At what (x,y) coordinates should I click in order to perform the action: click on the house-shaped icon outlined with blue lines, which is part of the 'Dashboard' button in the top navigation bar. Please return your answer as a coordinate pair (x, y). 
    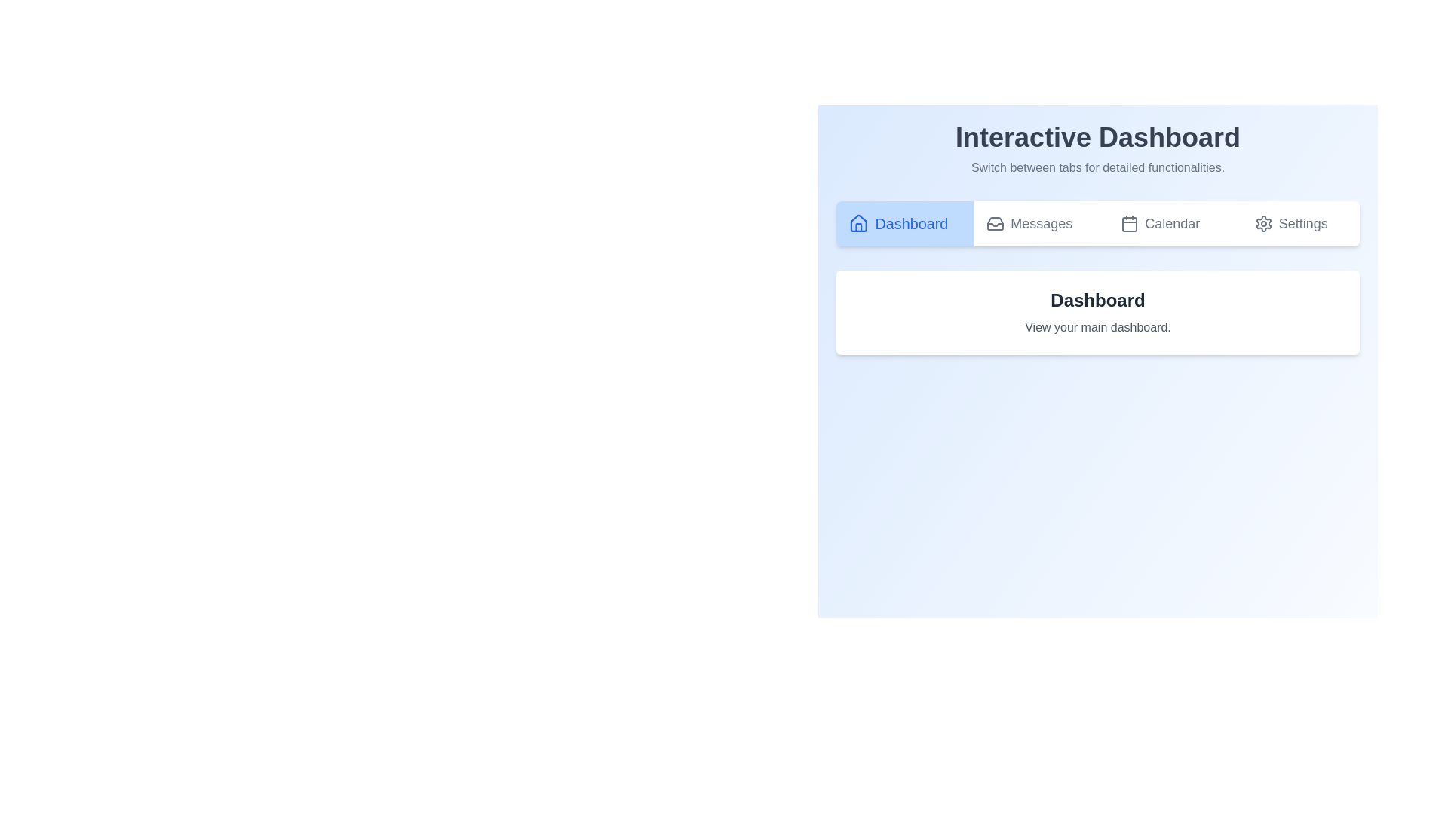
    Looking at the image, I should click on (858, 224).